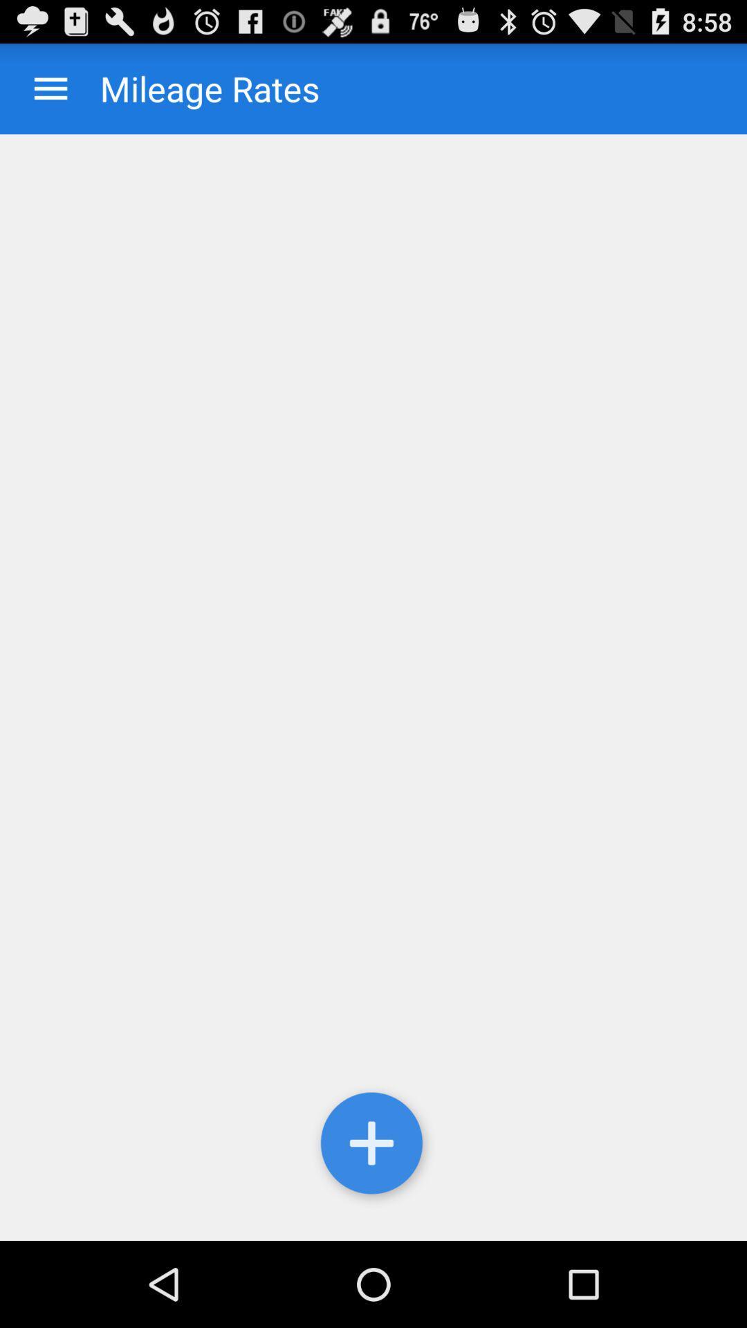 Image resolution: width=747 pixels, height=1328 pixels. What do you see at coordinates (50, 88) in the screenshot?
I see `apps` at bounding box center [50, 88].